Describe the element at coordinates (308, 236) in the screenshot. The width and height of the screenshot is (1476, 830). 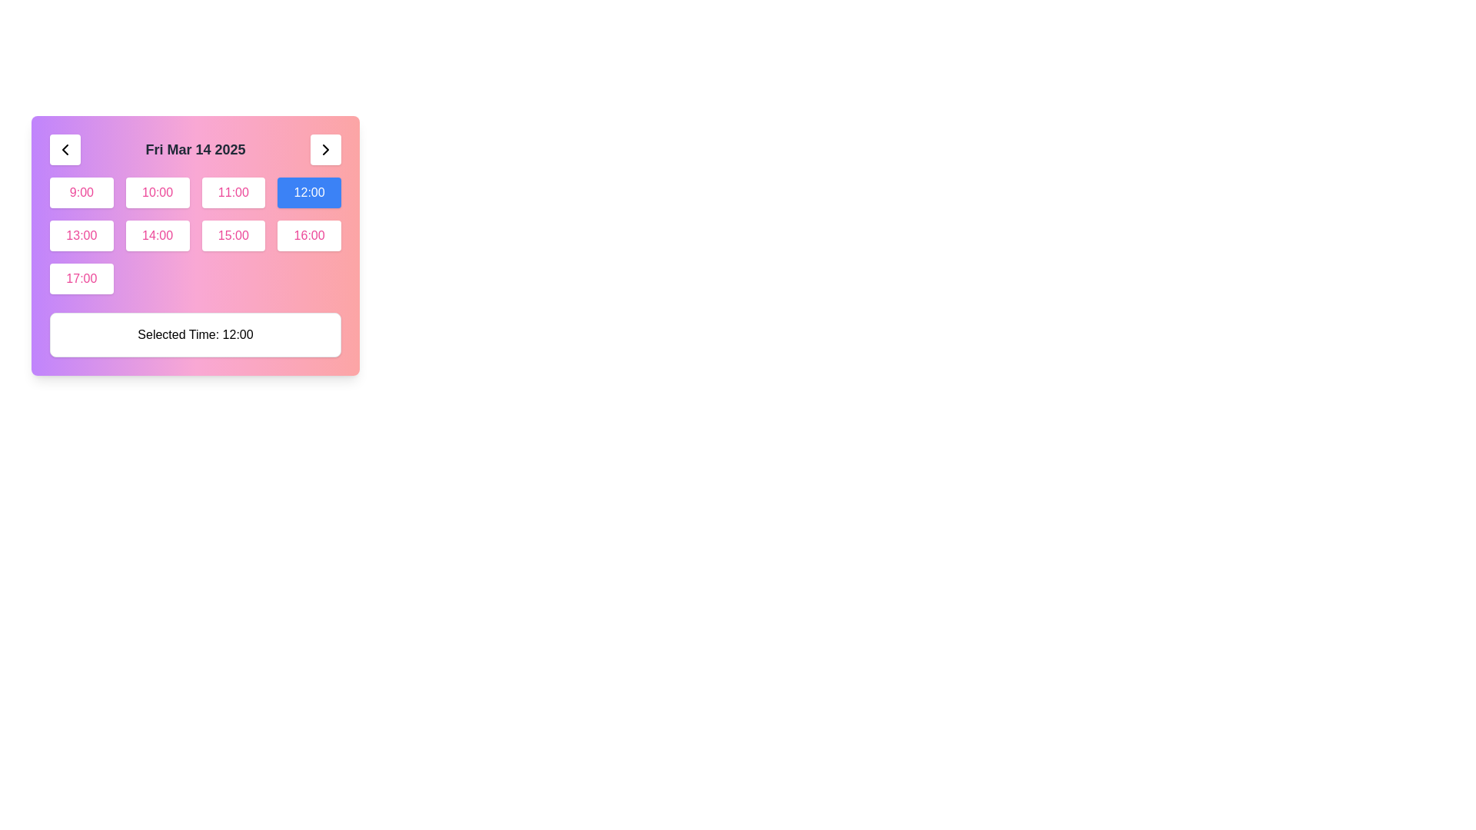
I see `the button with white background and pink text displaying '16:00'` at that location.